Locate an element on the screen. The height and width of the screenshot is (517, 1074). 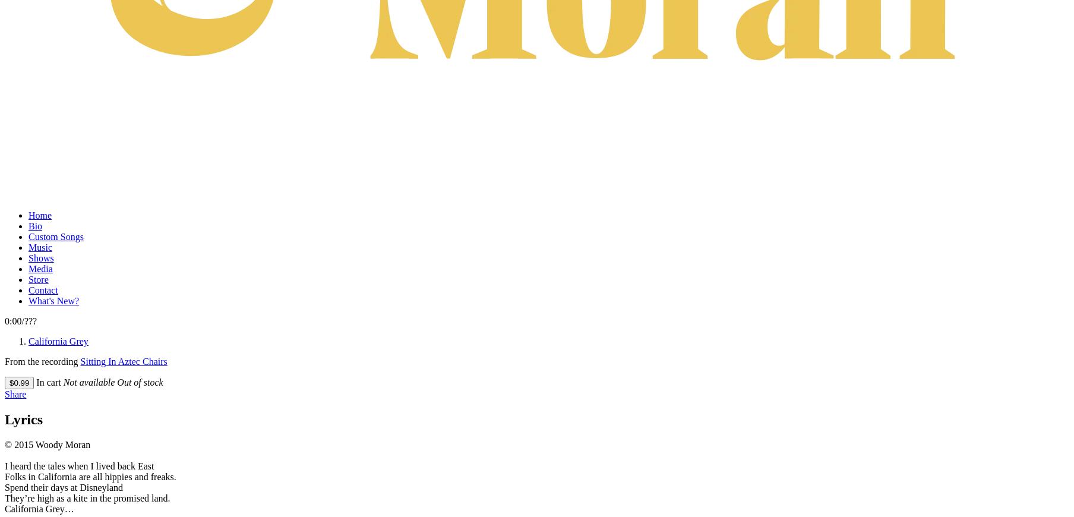
'Shows' is located at coordinates (41, 257).